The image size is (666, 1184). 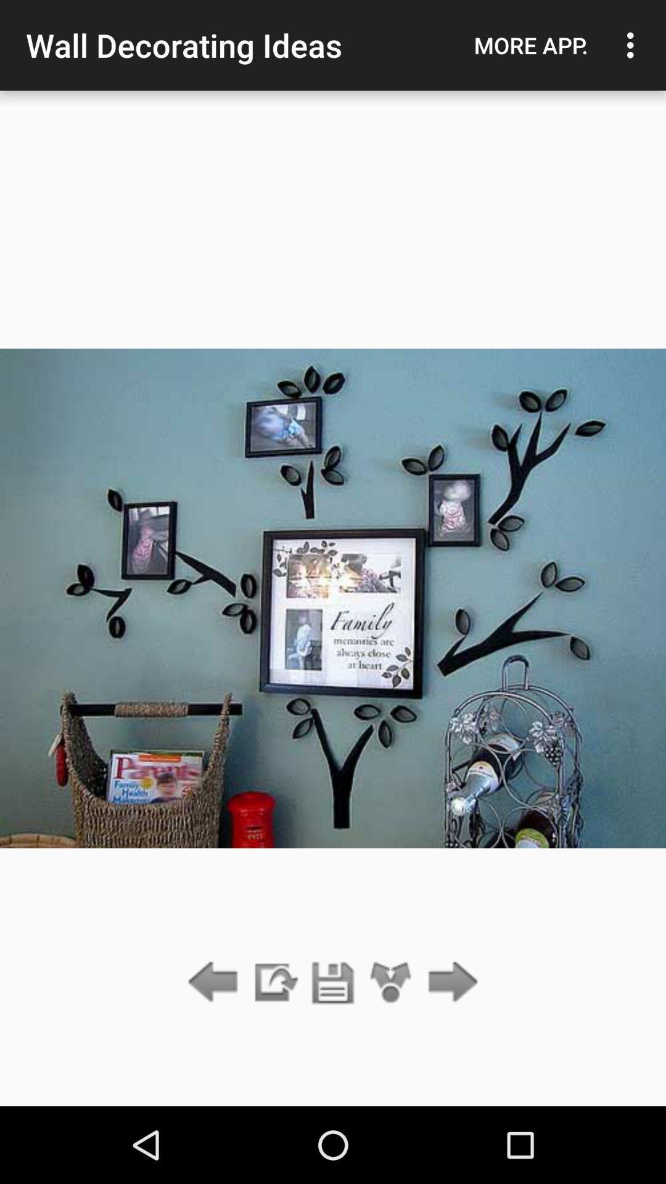 I want to click on the app next to wall decorating ideas app, so click(x=530, y=45).